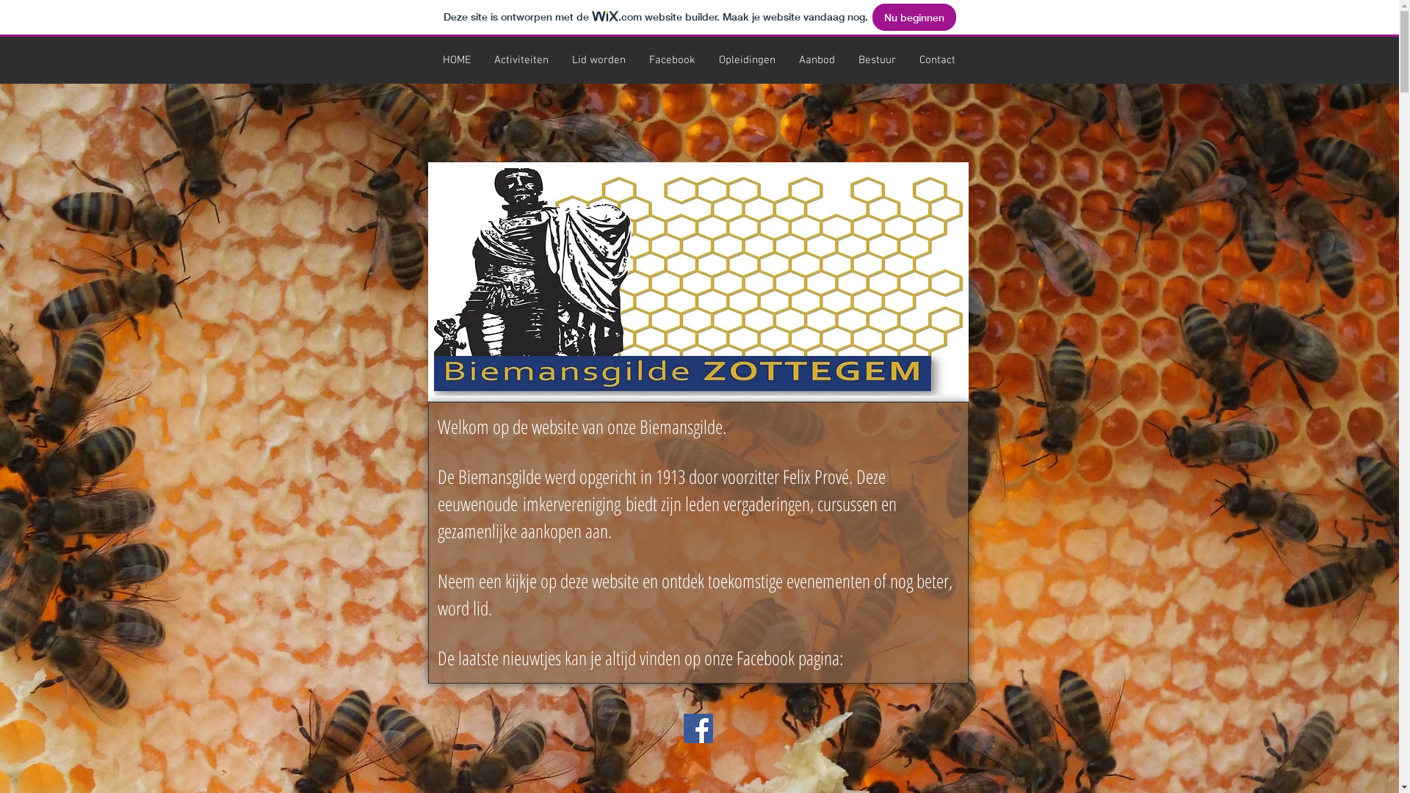 This screenshot has height=793, width=1410. I want to click on 'Facebook', so click(671, 59).